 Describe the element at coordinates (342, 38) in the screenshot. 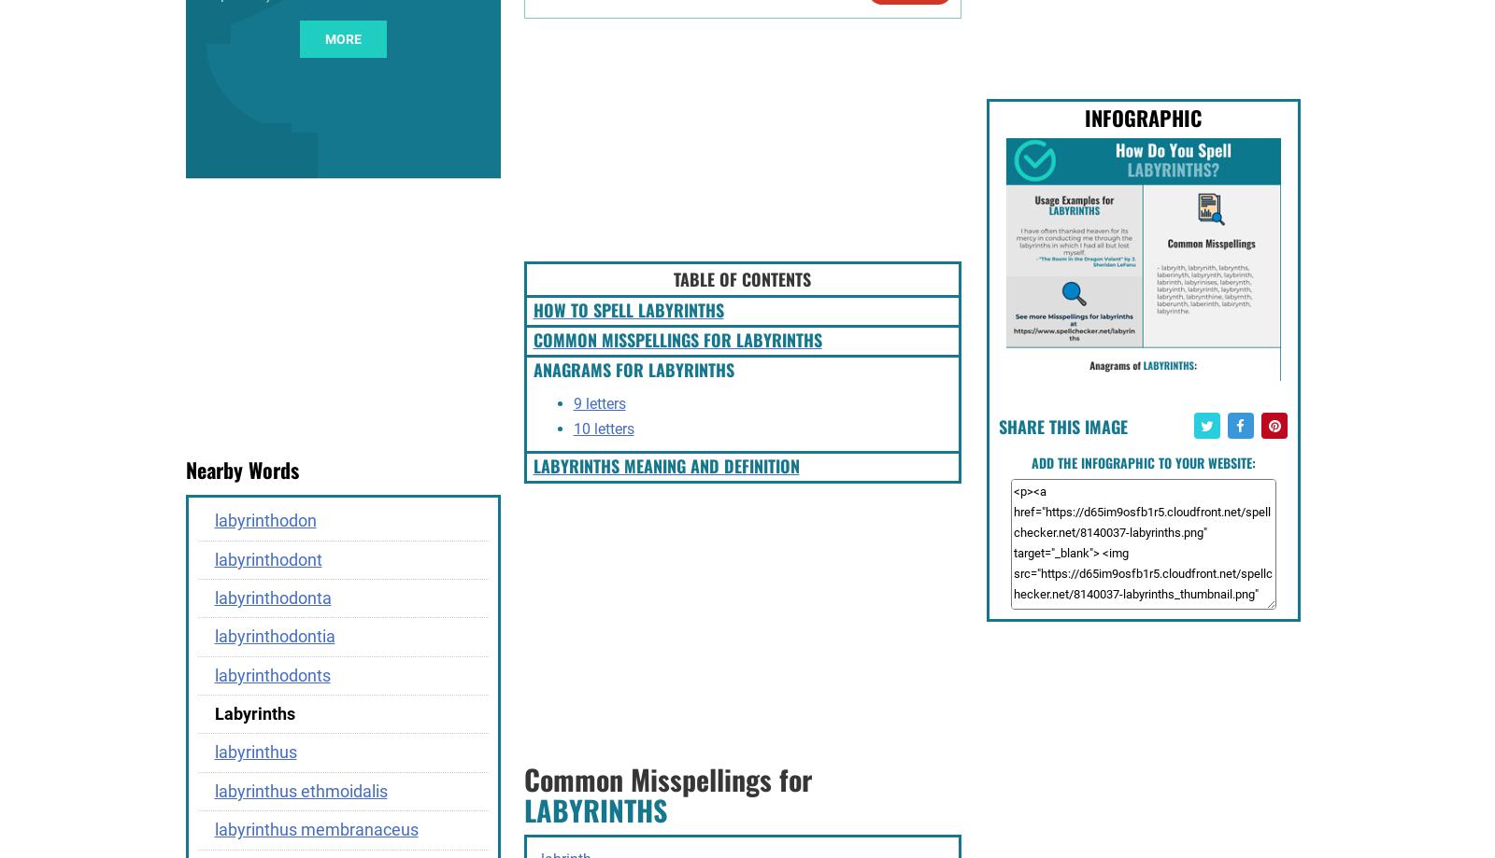

I see `'more'` at that location.